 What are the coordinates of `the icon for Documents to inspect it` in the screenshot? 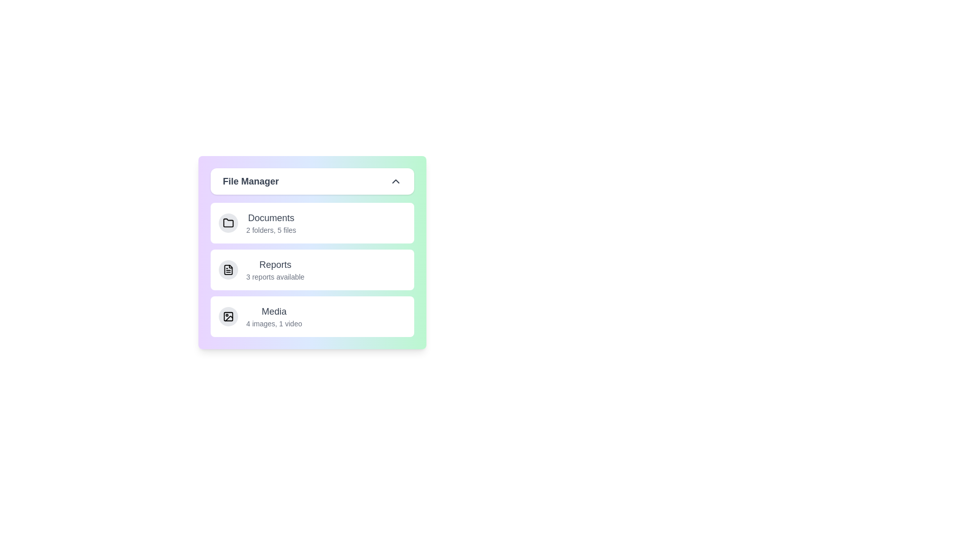 It's located at (228, 223).